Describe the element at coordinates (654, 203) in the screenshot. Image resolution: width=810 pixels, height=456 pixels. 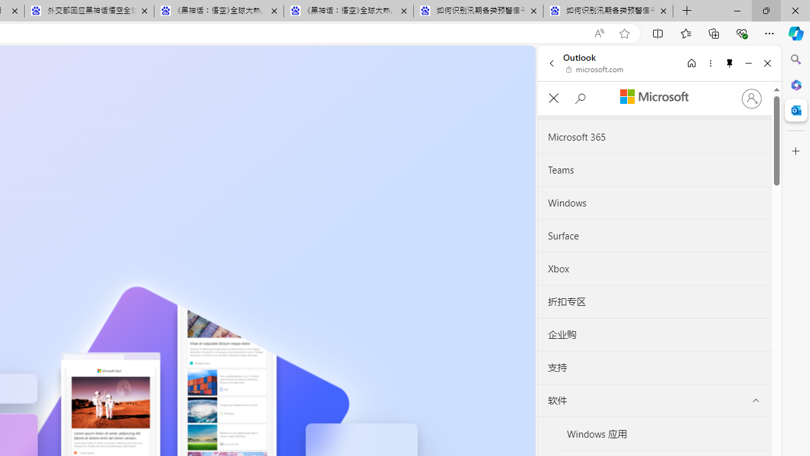
I see `'Windows'` at that location.